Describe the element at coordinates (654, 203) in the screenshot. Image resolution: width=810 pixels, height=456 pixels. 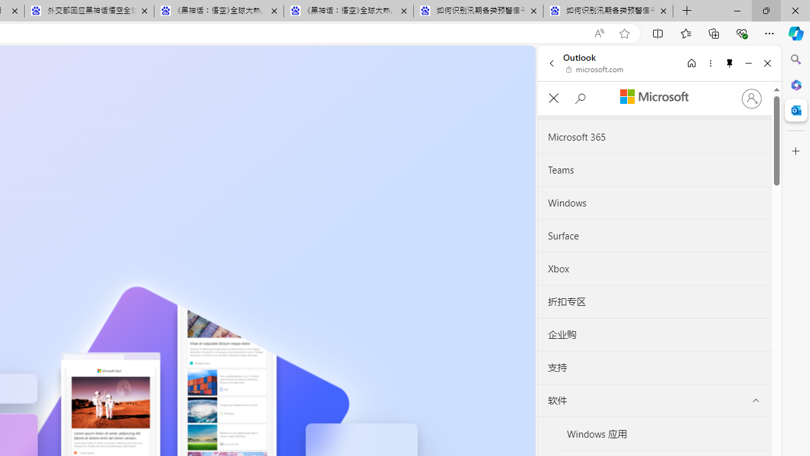
I see `'Windows'` at that location.